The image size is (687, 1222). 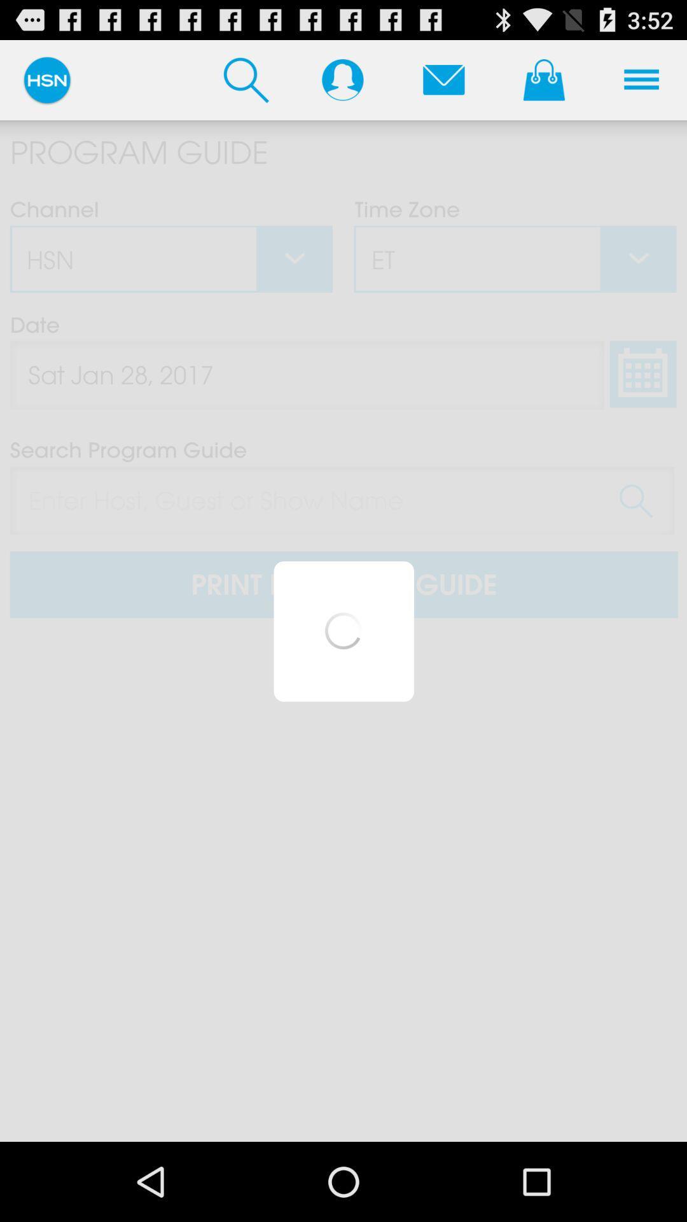 I want to click on messages page, so click(x=443, y=79).